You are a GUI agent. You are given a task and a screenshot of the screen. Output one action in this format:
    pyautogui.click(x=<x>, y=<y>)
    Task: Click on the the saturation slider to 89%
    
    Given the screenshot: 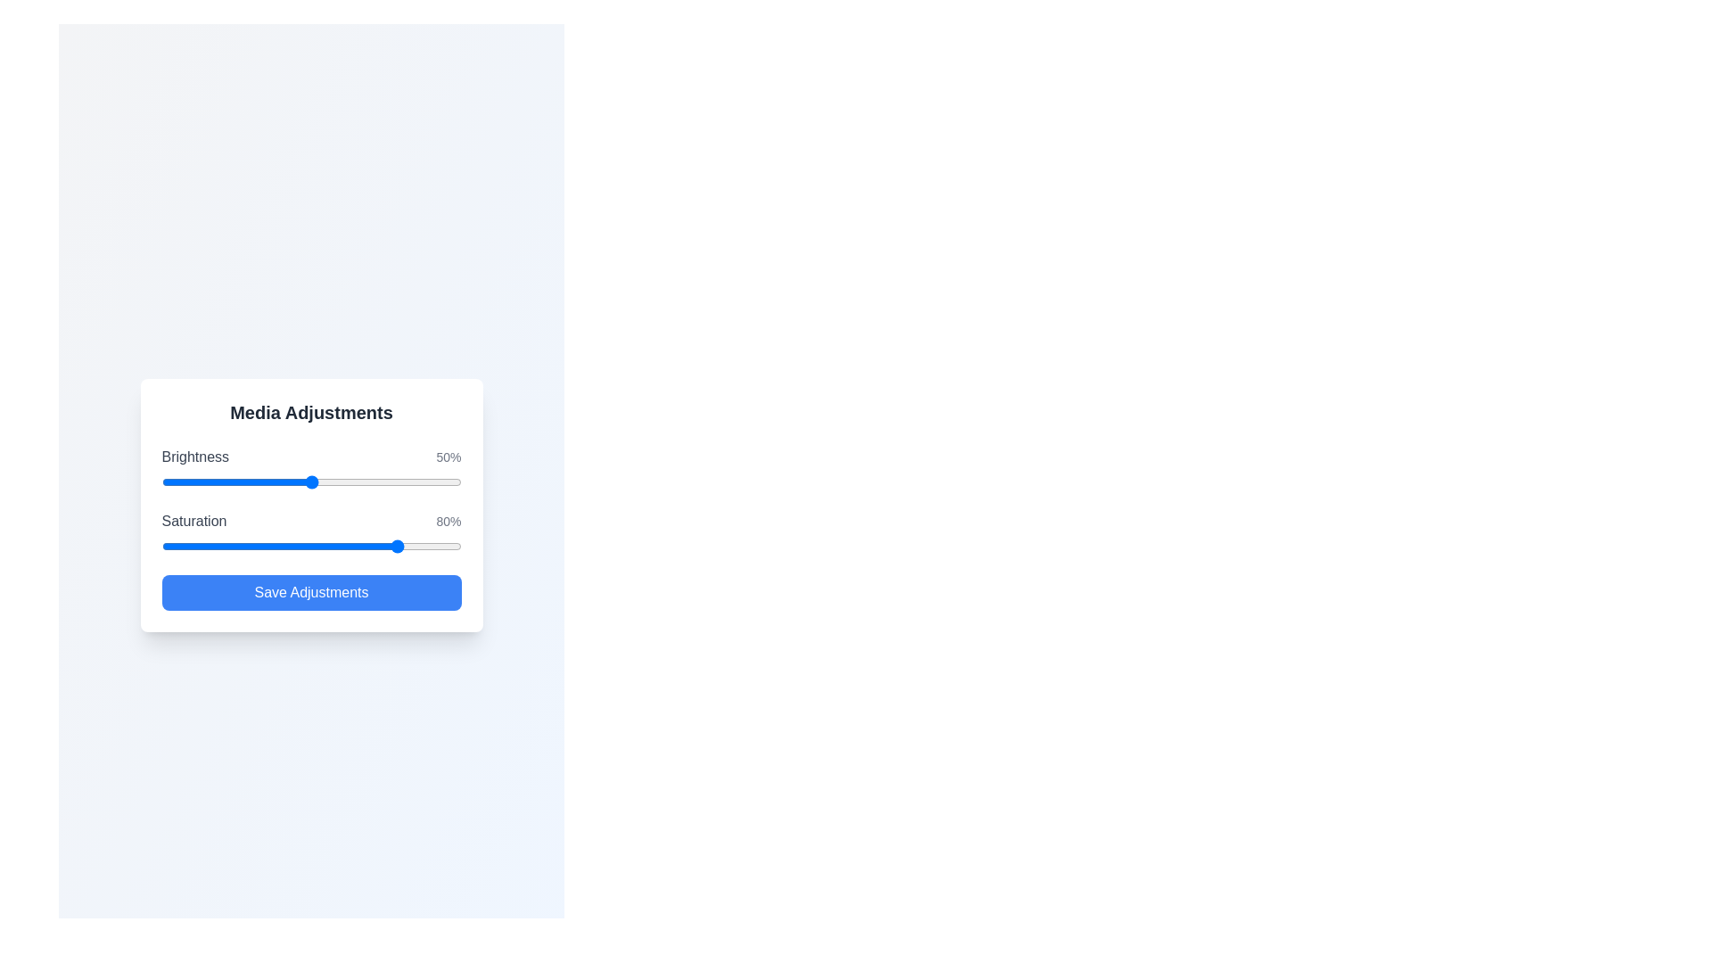 What is the action you would take?
    pyautogui.click(x=428, y=546)
    